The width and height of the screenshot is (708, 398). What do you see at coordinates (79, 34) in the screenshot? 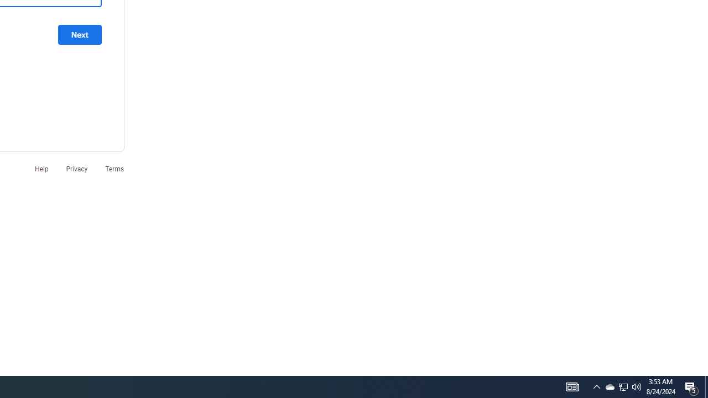
I see `'Next'` at bounding box center [79, 34].